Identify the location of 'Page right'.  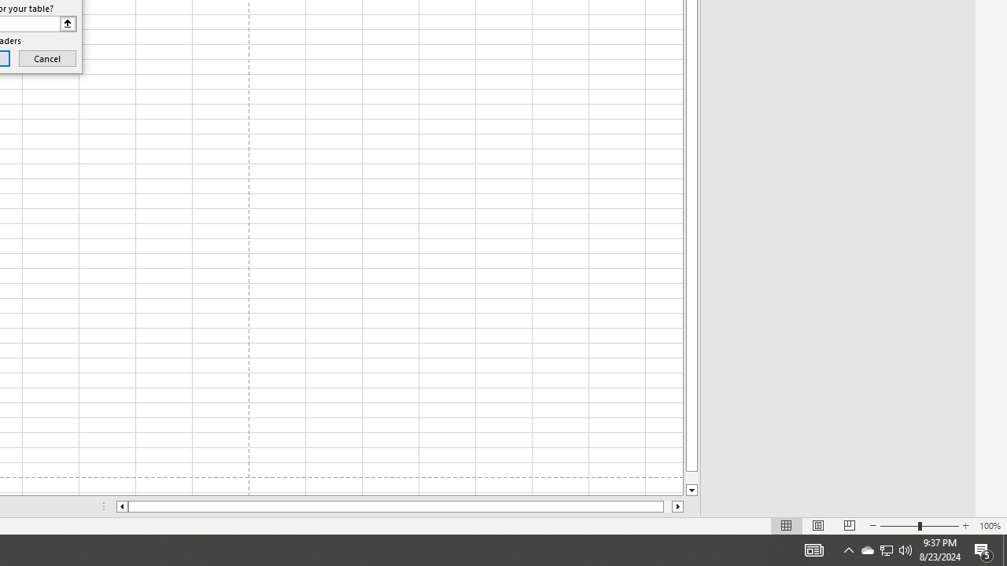
(667, 506).